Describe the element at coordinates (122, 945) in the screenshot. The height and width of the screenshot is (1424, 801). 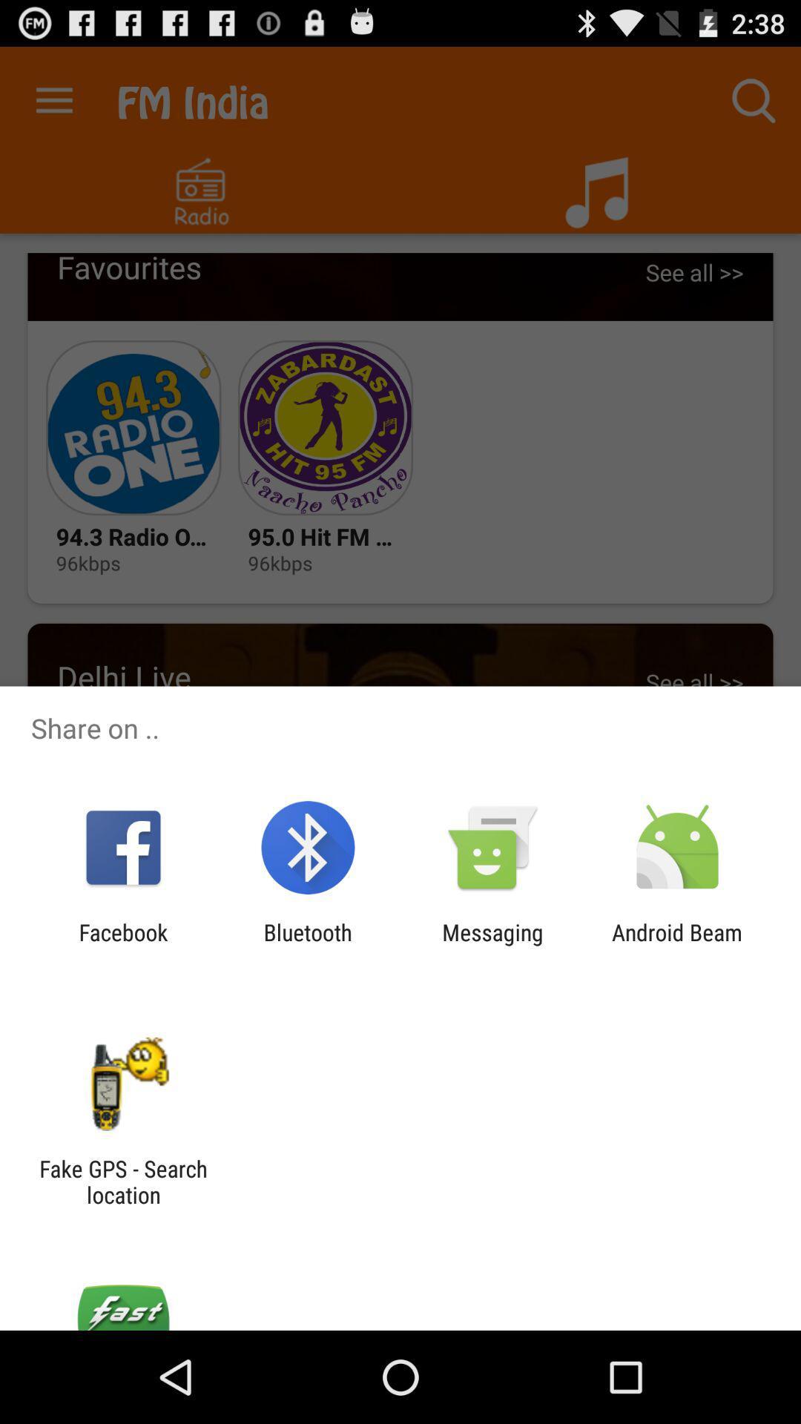
I see `item to the left of bluetooth app` at that location.